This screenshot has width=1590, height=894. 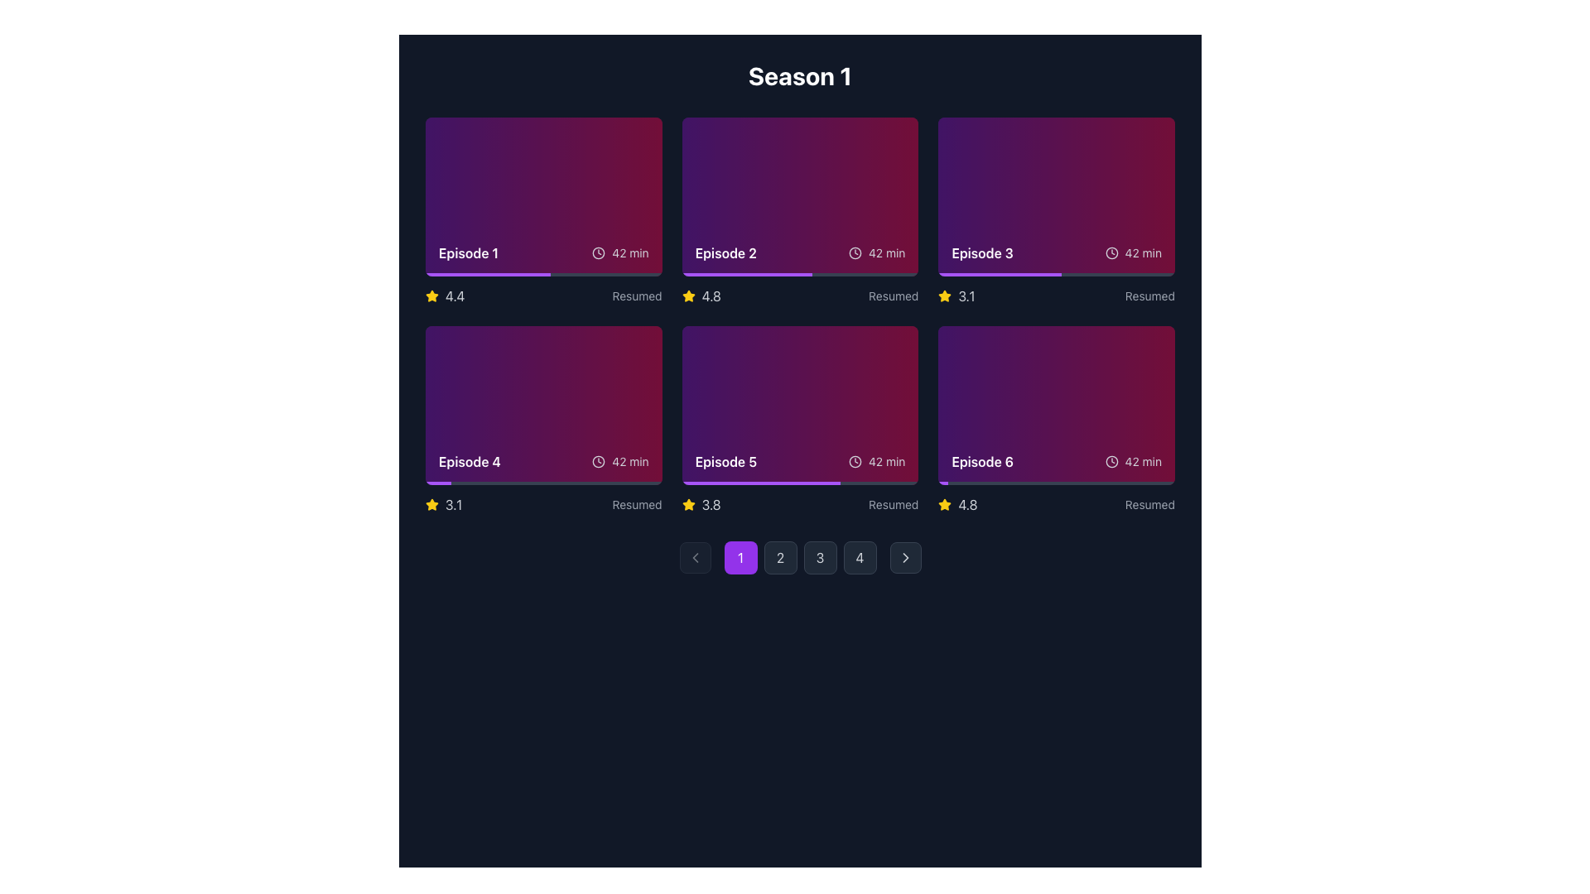 I want to click on the episode card located at the top left corner of the grid, so click(x=543, y=210).